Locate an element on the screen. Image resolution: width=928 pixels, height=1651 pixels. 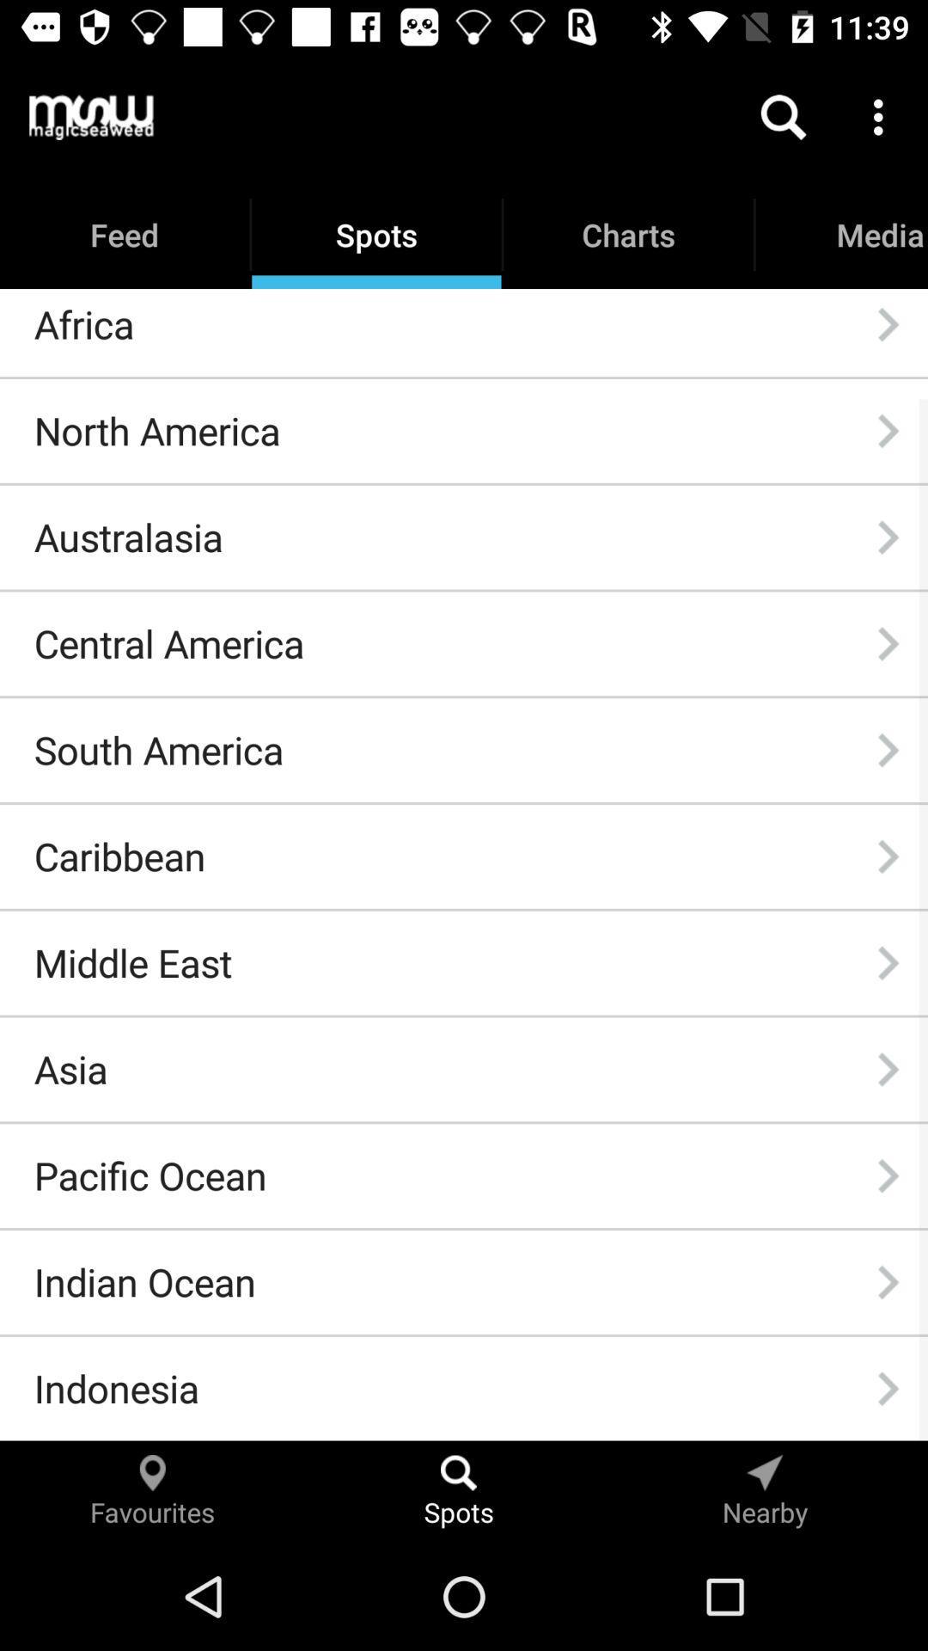
indonesia is located at coordinates (116, 1388).